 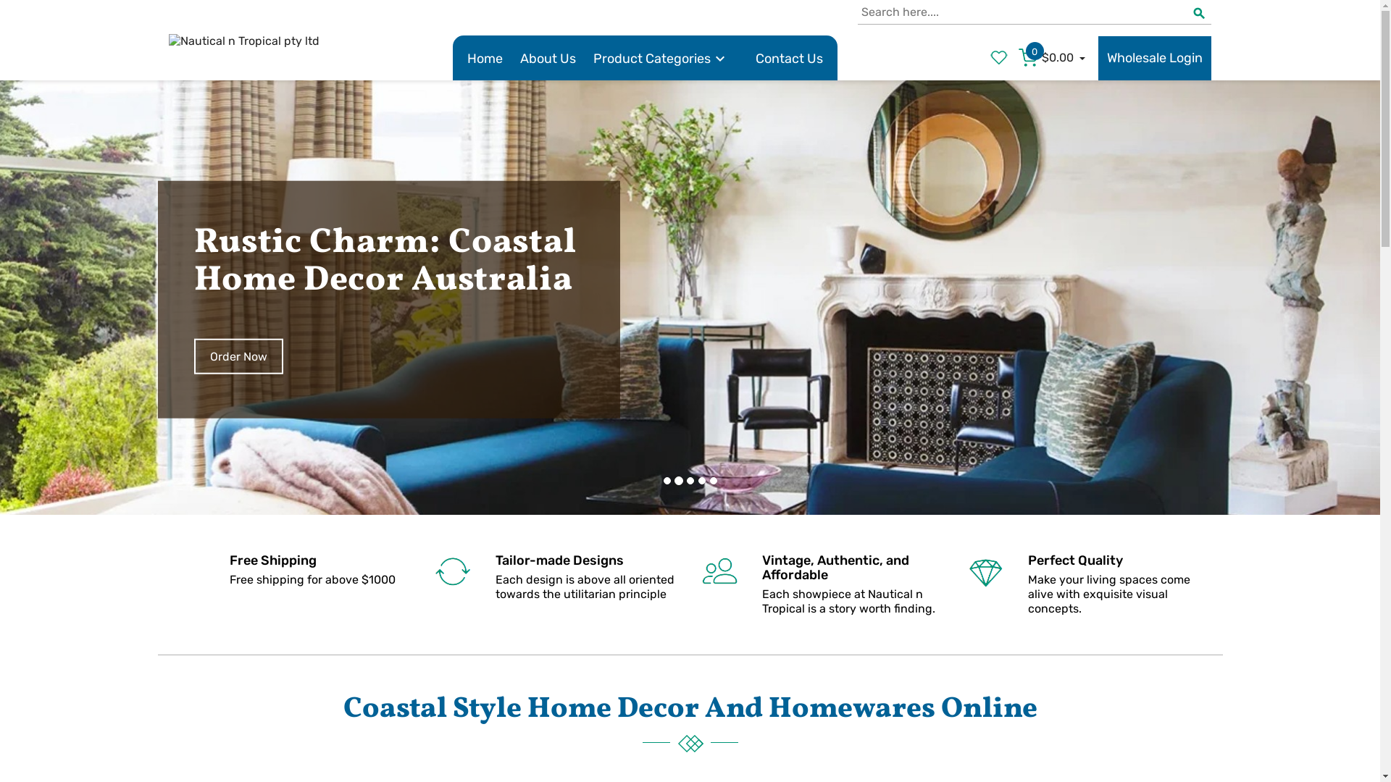 I want to click on 'Wishlist', so click(x=986, y=56).